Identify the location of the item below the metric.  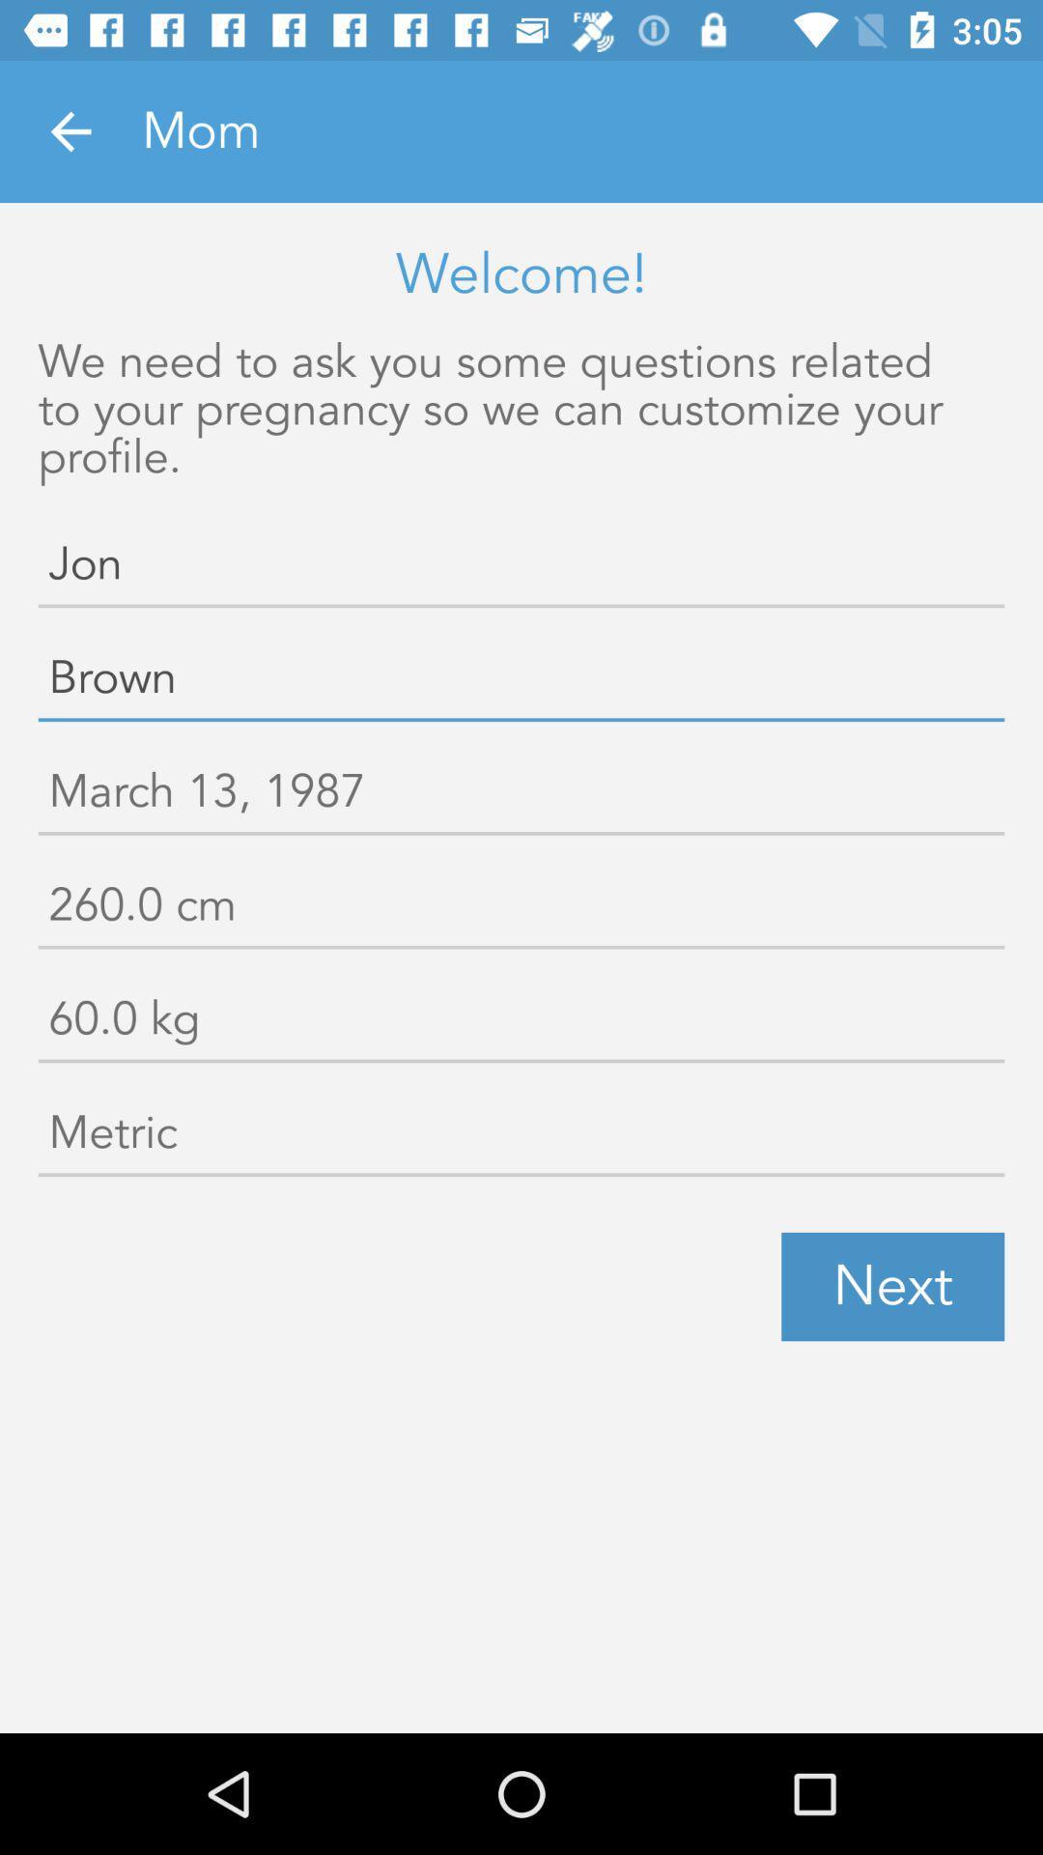
(892, 1287).